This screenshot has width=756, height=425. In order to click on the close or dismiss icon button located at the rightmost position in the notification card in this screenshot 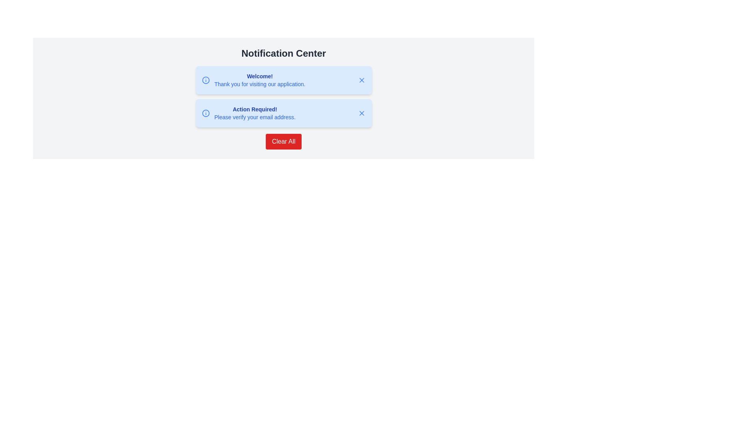, I will do `click(361, 80)`.